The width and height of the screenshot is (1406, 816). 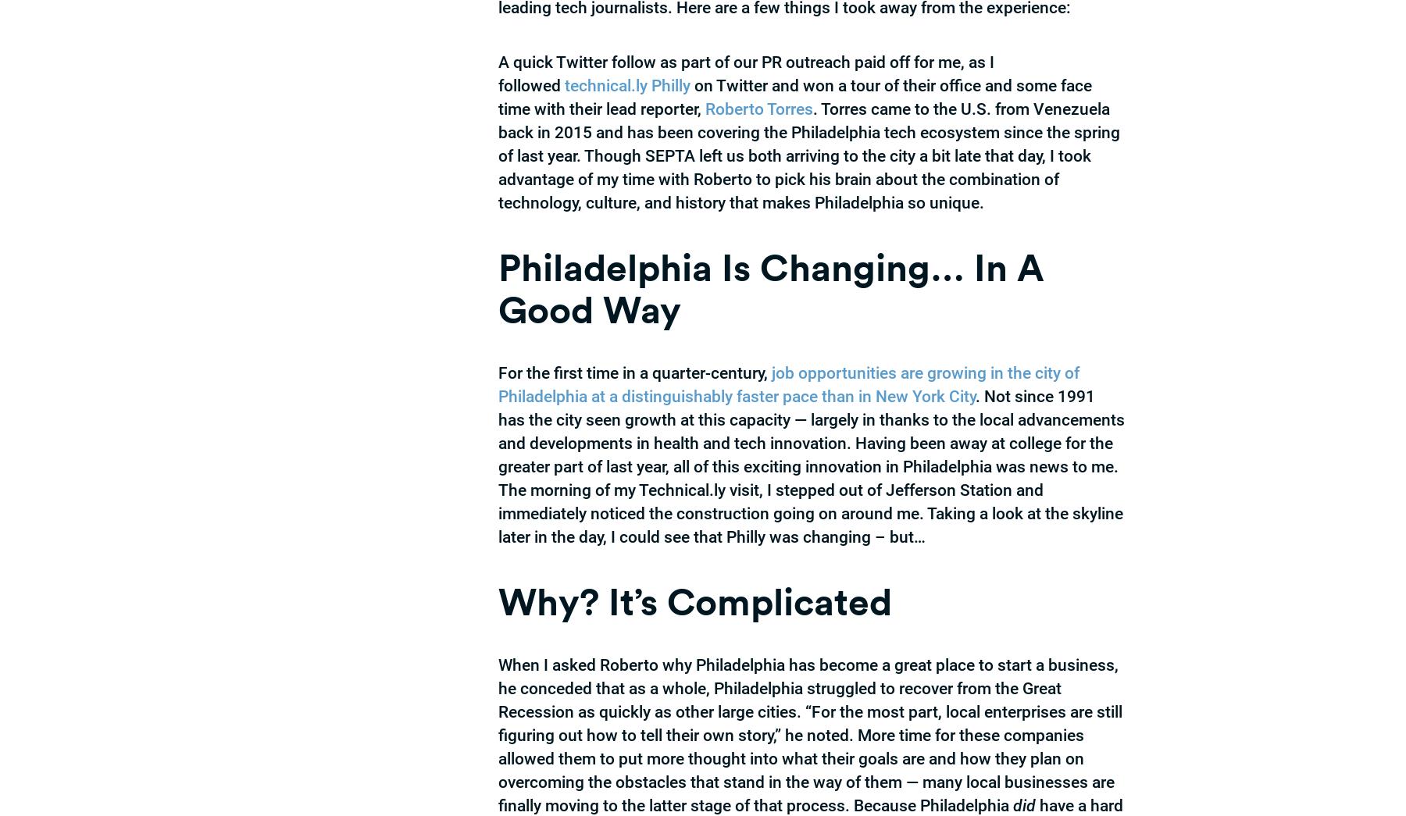 I want to click on 'Why? It’s Complicated', so click(x=694, y=600).